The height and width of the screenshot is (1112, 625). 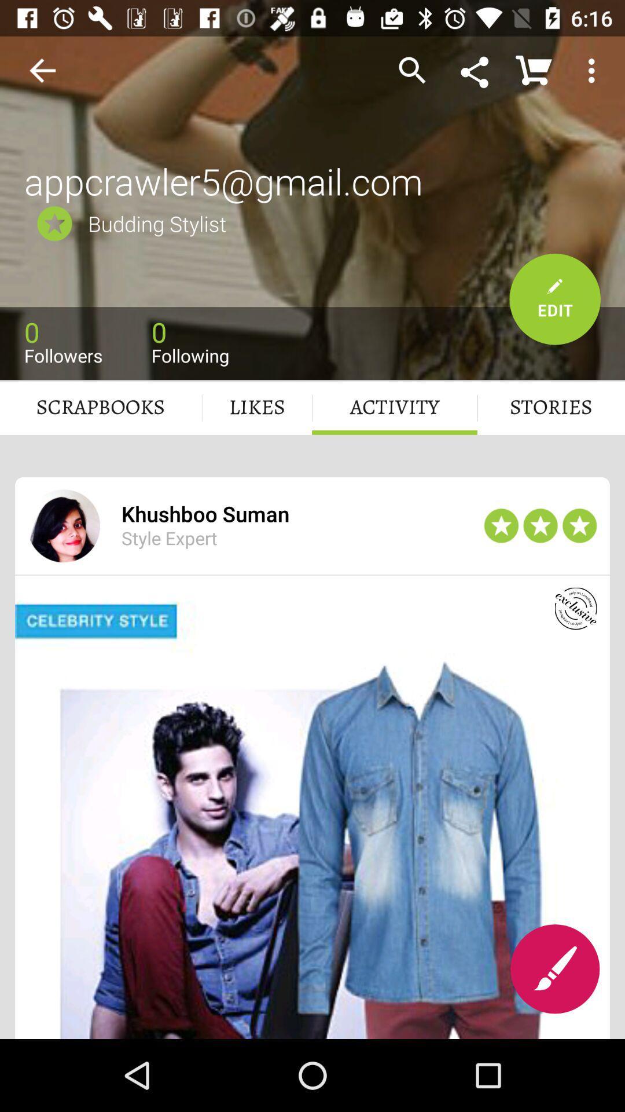 What do you see at coordinates (554, 969) in the screenshot?
I see `the edit icon` at bounding box center [554, 969].